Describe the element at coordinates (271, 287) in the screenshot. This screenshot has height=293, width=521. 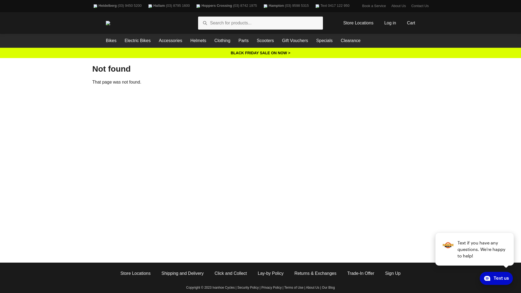
I see `'Privacy Policy'` at that location.